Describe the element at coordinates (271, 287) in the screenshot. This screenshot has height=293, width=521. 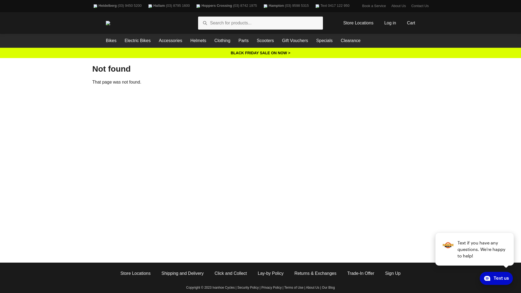
I see `'Privacy Policy'` at that location.